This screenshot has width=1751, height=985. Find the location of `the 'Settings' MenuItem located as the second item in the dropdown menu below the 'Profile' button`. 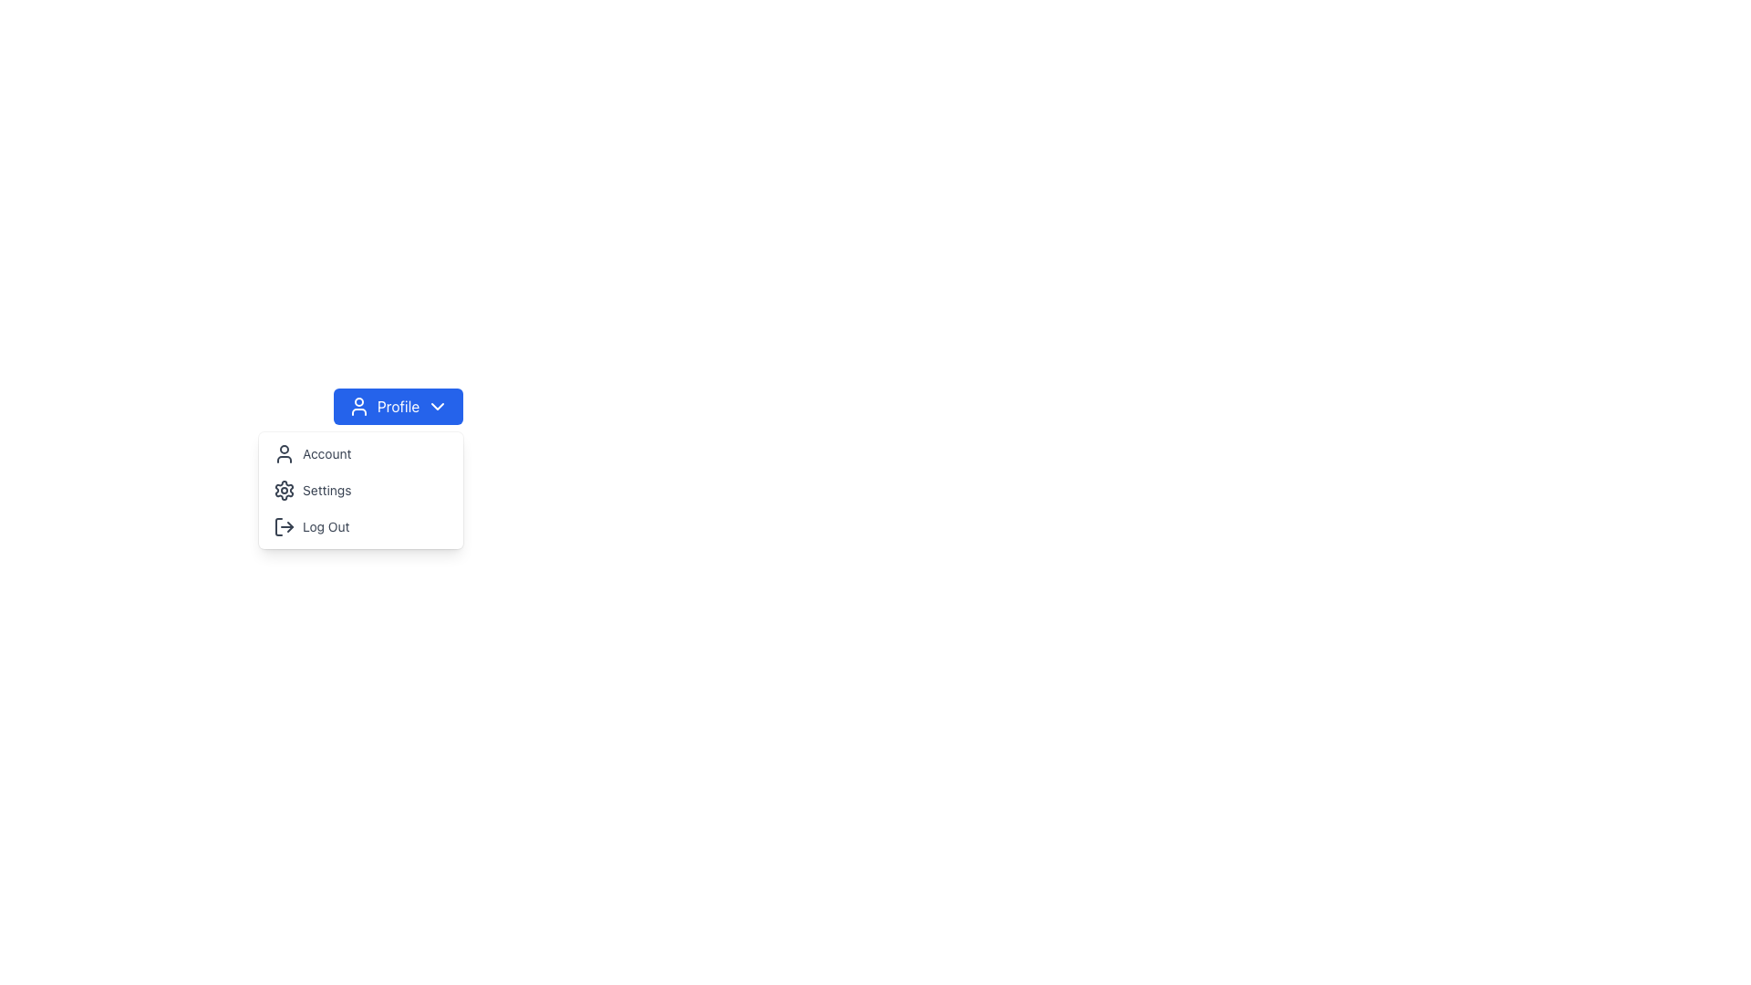

the 'Settings' MenuItem located as the second item in the dropdown menu below the 'Profile' button is located at coordinates (361, 489).